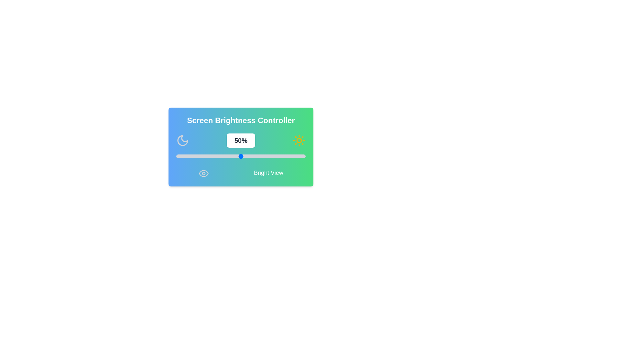 This screenshot has height=349, width=621. I want to click on the brightness level to 68% using the slider, so click(264, 156).